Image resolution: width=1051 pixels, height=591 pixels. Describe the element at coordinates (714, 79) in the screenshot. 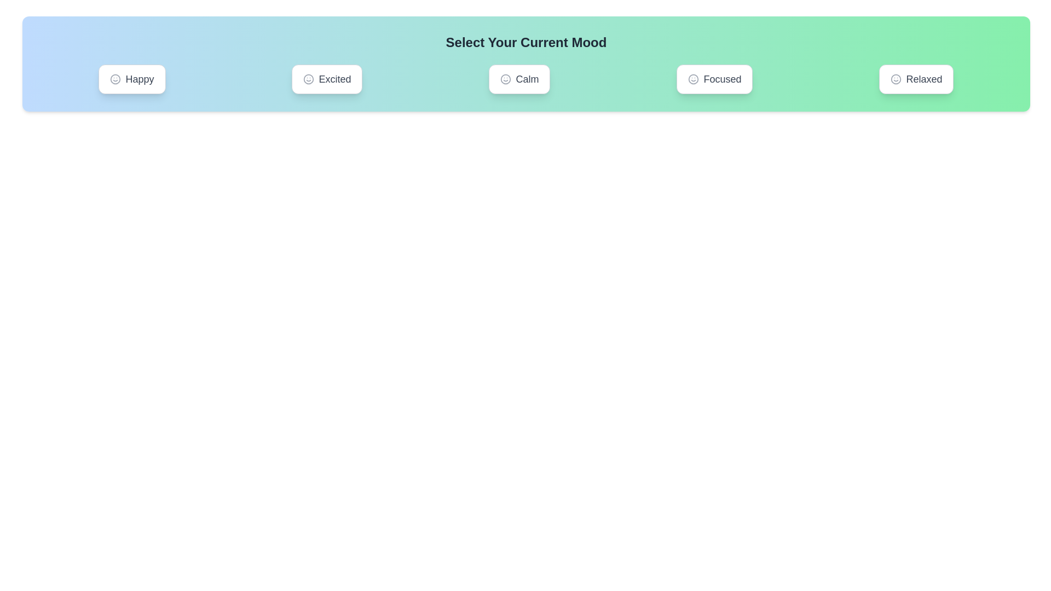

I see `the mood Focused by clicking on its corresponding button` at that location.